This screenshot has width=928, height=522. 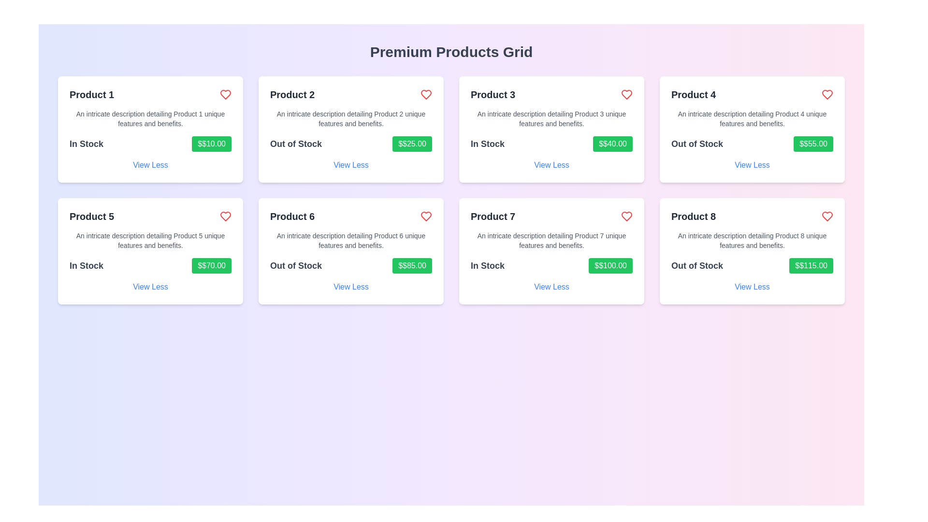 What do you see at coordinates (92, 216) in the screenshot?
I see `the bold and large-sized text label reading 'Product 5', which is styled in a dark font color and located in the lower card of the second row of the grid layout` at bounding box center [92, 216].